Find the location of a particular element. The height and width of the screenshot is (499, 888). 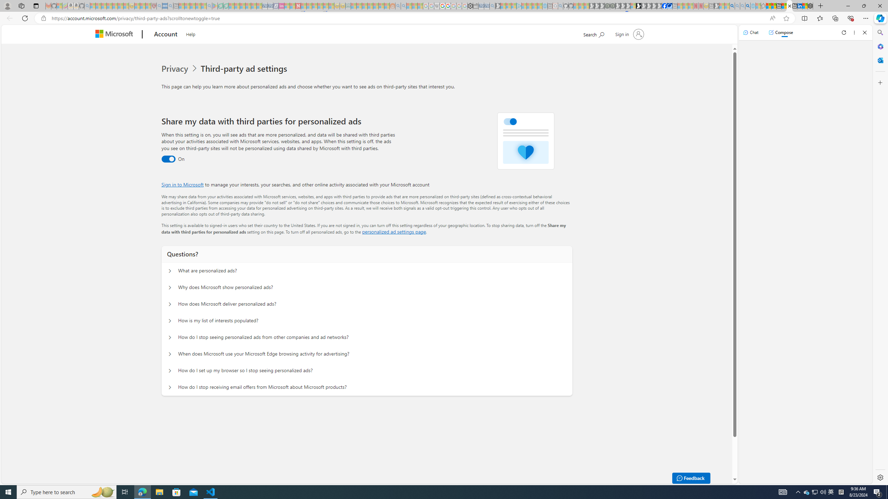

'Third party data sharing toggle' is located at coordinates (168, 159).